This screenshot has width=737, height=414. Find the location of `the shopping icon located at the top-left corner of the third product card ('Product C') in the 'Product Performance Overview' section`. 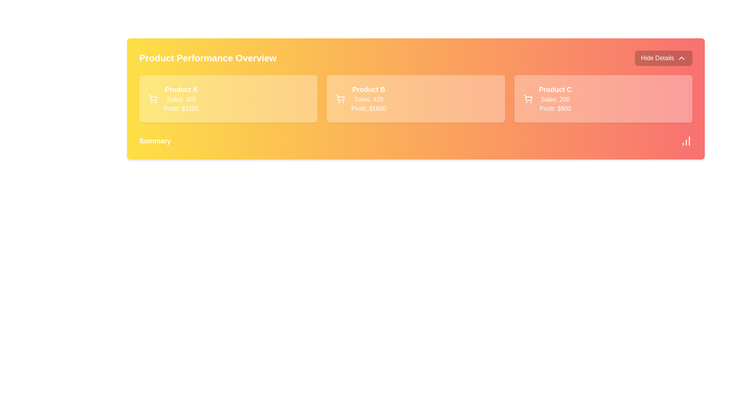

the shopping icon located at the top-left corner of the third product card ('Product C') in the 'Product Performance Overview' section is located at coordinates (527, 99).